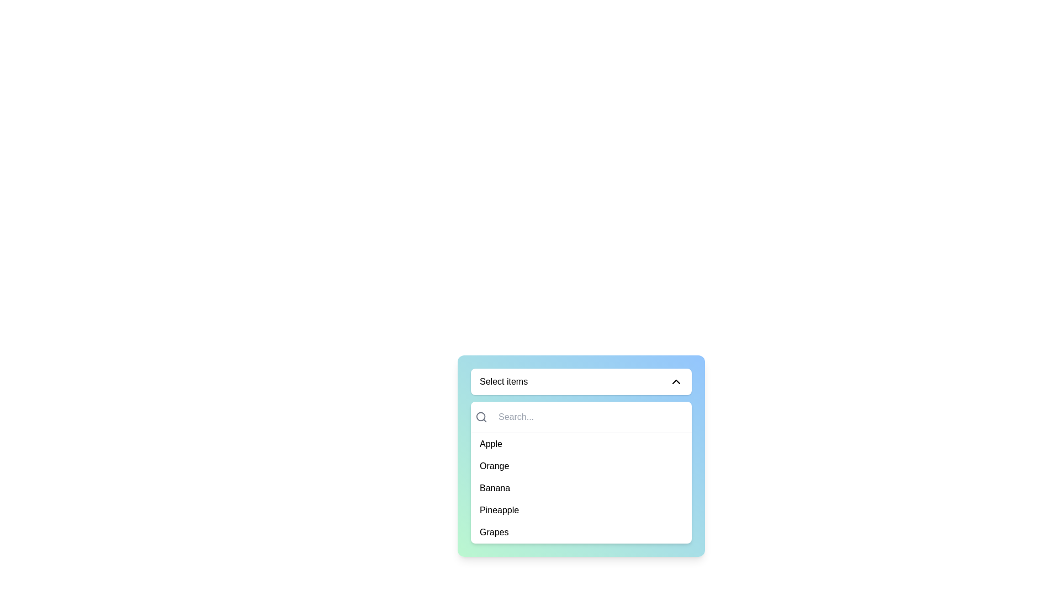 This screenshot has width=1060, height=596. Describe the element at coordinates (675, 381) in the screenshot. I see `the upward-pointing chevron arrow icon located on the right end of the 'Select items' dropdown header` at that location.